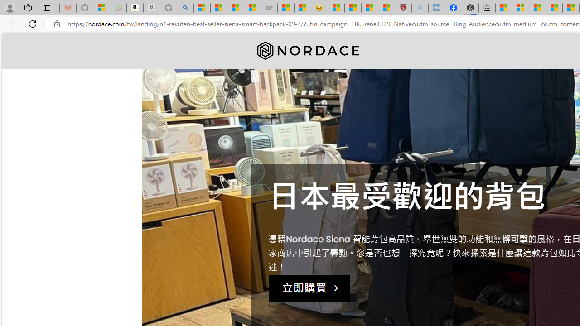 This screenshot has width=580, height=326. Describe the element at coordinates (336, 8) in the screenshot. I see `'Recipes - MSN'` at that location.